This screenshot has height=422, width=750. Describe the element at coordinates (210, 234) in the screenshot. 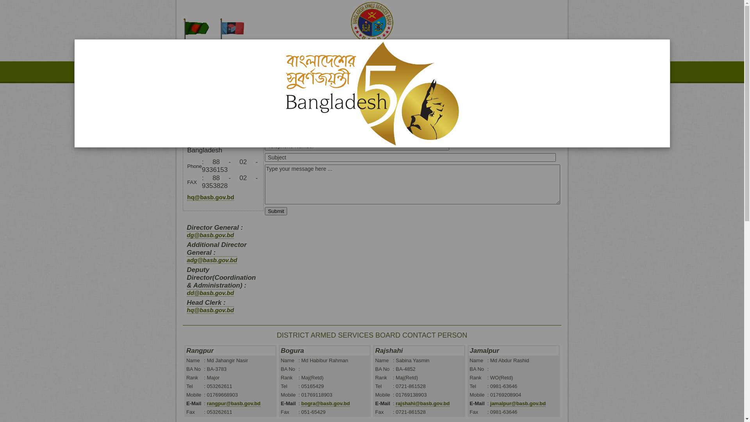

I see `'dg@basb.gov.bd'` at that location.